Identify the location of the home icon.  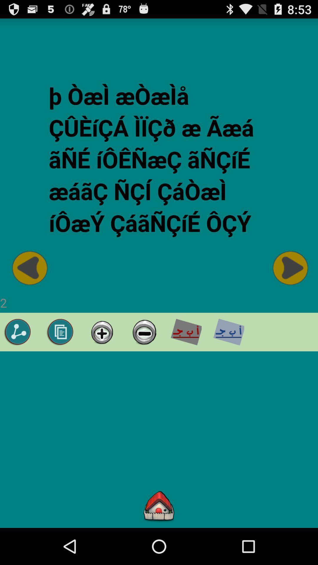
(159, 542).